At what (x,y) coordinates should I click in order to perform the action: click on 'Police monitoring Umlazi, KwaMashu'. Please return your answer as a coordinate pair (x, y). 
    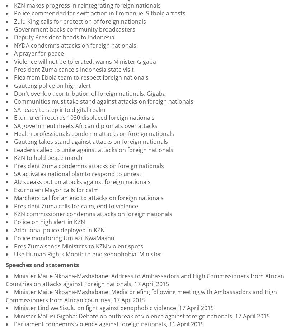
    Looking at the image, I should click on (64, 238).